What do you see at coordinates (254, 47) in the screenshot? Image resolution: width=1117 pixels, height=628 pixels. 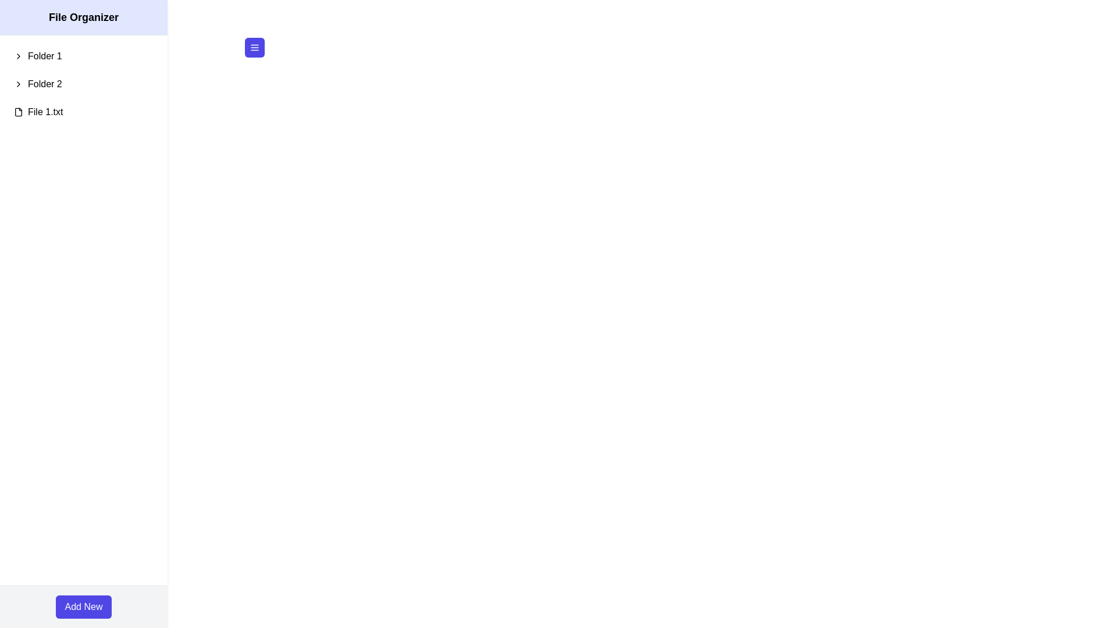 I see `the button located below the 'File Organizer' header` at bounding box center [254, 47].